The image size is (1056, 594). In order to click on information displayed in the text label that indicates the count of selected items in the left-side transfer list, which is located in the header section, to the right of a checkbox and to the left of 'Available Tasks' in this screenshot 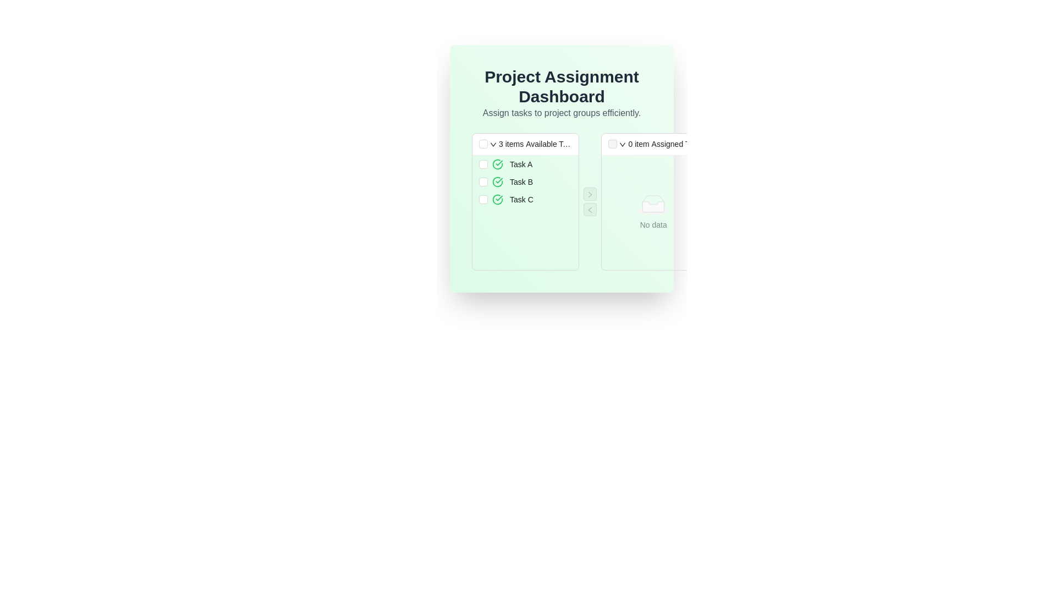, I will do `click(510, 144)`.